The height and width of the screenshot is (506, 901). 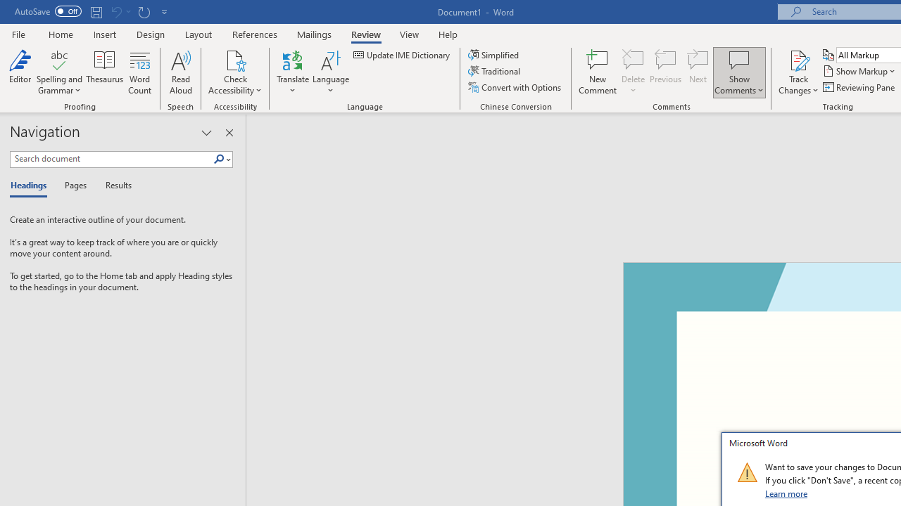 What do you see at coordinates (255, 34) in the screenshot?
I see `'References'` at bounding box center [255, 34].